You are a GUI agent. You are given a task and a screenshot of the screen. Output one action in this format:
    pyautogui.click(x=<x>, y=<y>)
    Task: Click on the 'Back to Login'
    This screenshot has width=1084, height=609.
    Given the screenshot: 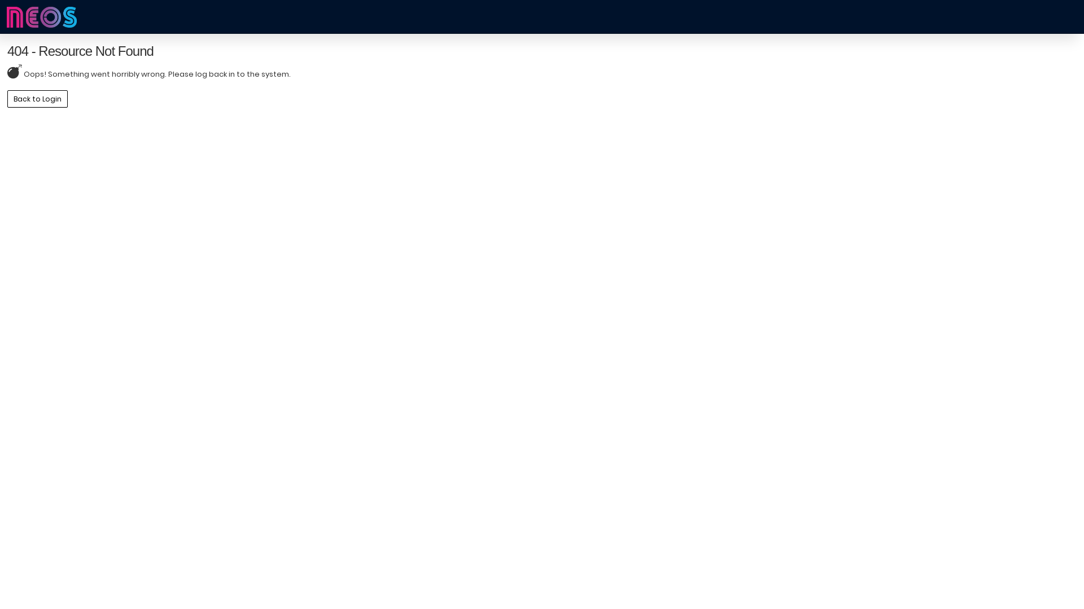 What is the action you would take?
    pyautogui.click(x=37, y=98)
    